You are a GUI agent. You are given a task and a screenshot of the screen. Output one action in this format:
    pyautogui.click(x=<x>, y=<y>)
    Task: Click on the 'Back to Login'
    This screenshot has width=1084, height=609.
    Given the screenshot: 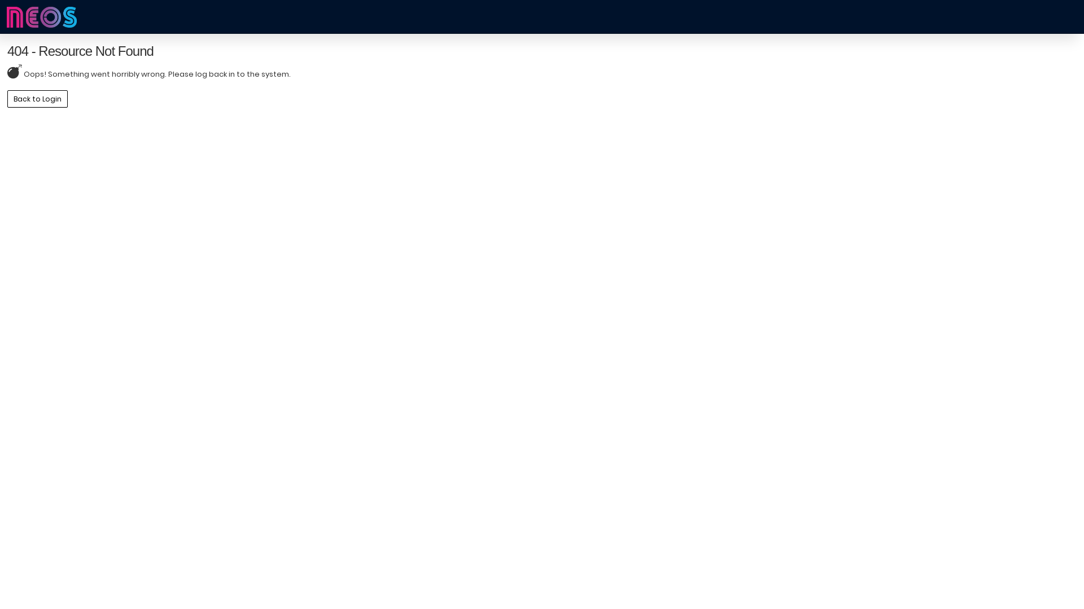 What is the action you would take?
    pyautogui.click(x=37, y=98)
    